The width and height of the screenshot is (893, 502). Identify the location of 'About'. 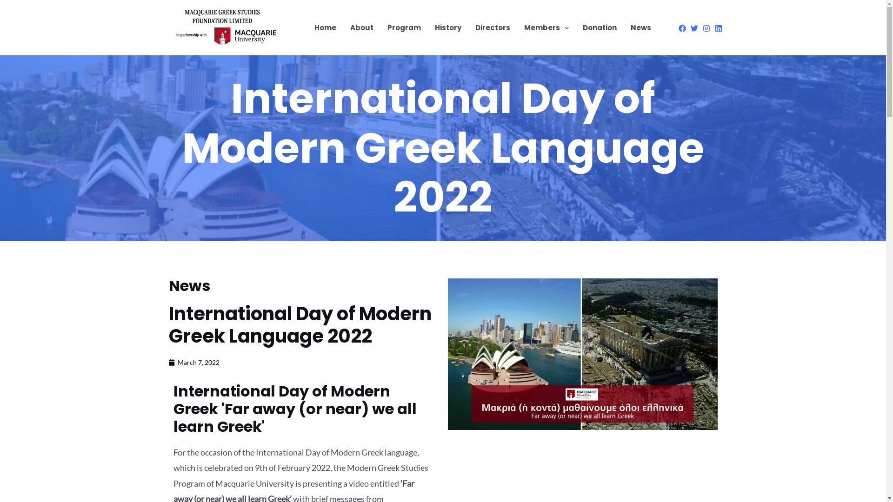
(361, 27).